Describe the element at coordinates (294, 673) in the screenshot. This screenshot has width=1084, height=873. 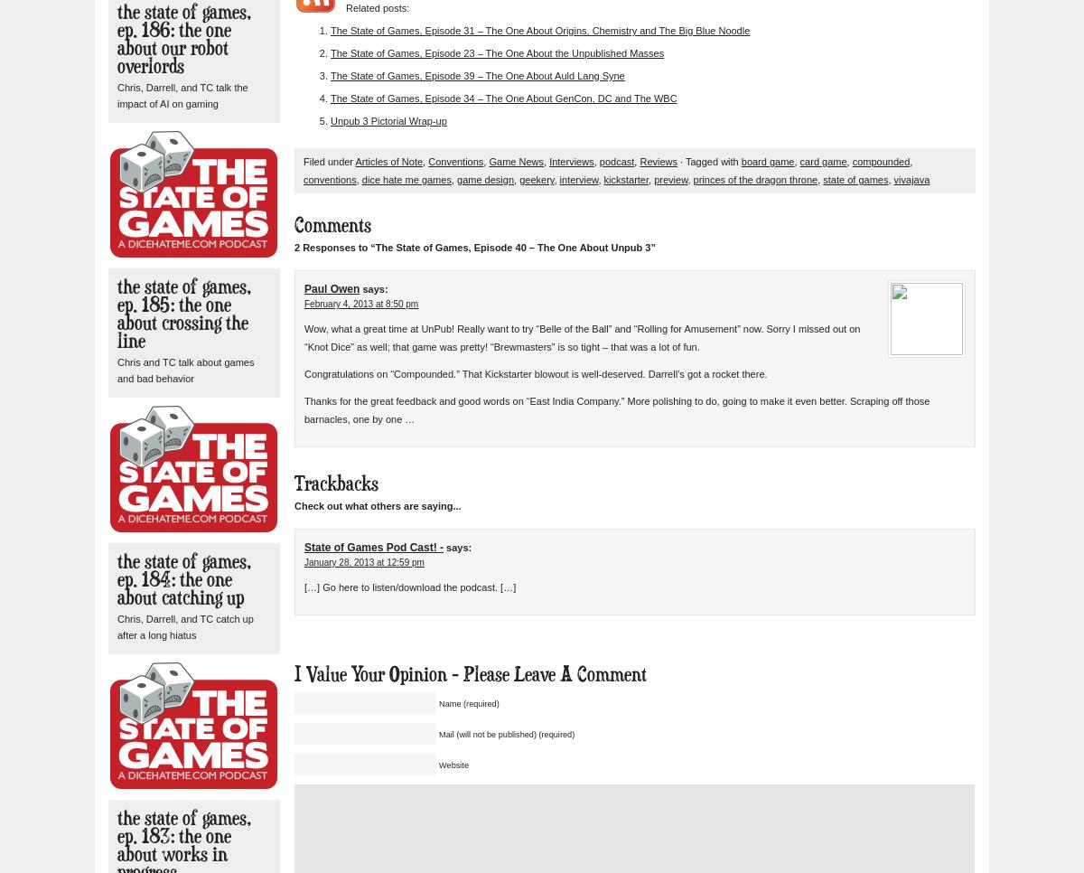
I see `'I Value Your Opinion - Please Leave A Comment'` at that location.